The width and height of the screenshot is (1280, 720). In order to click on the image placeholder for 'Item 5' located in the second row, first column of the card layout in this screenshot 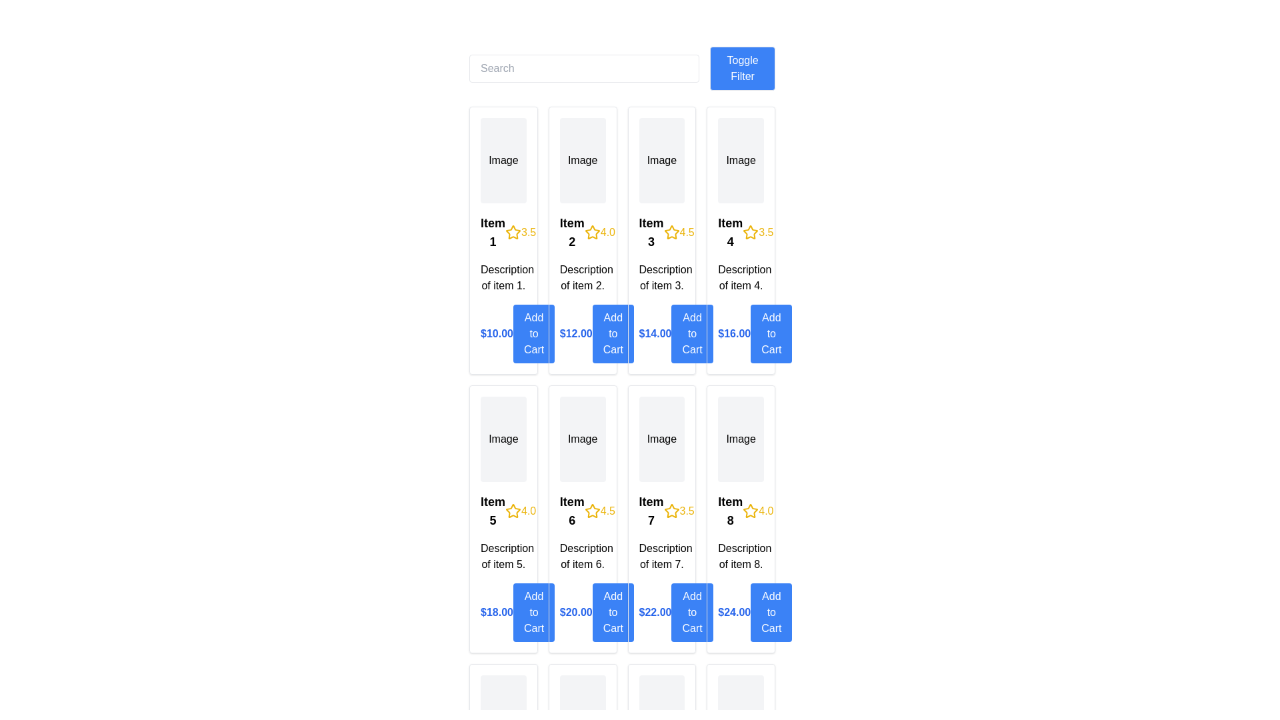, I will do `click(503, 439)`.